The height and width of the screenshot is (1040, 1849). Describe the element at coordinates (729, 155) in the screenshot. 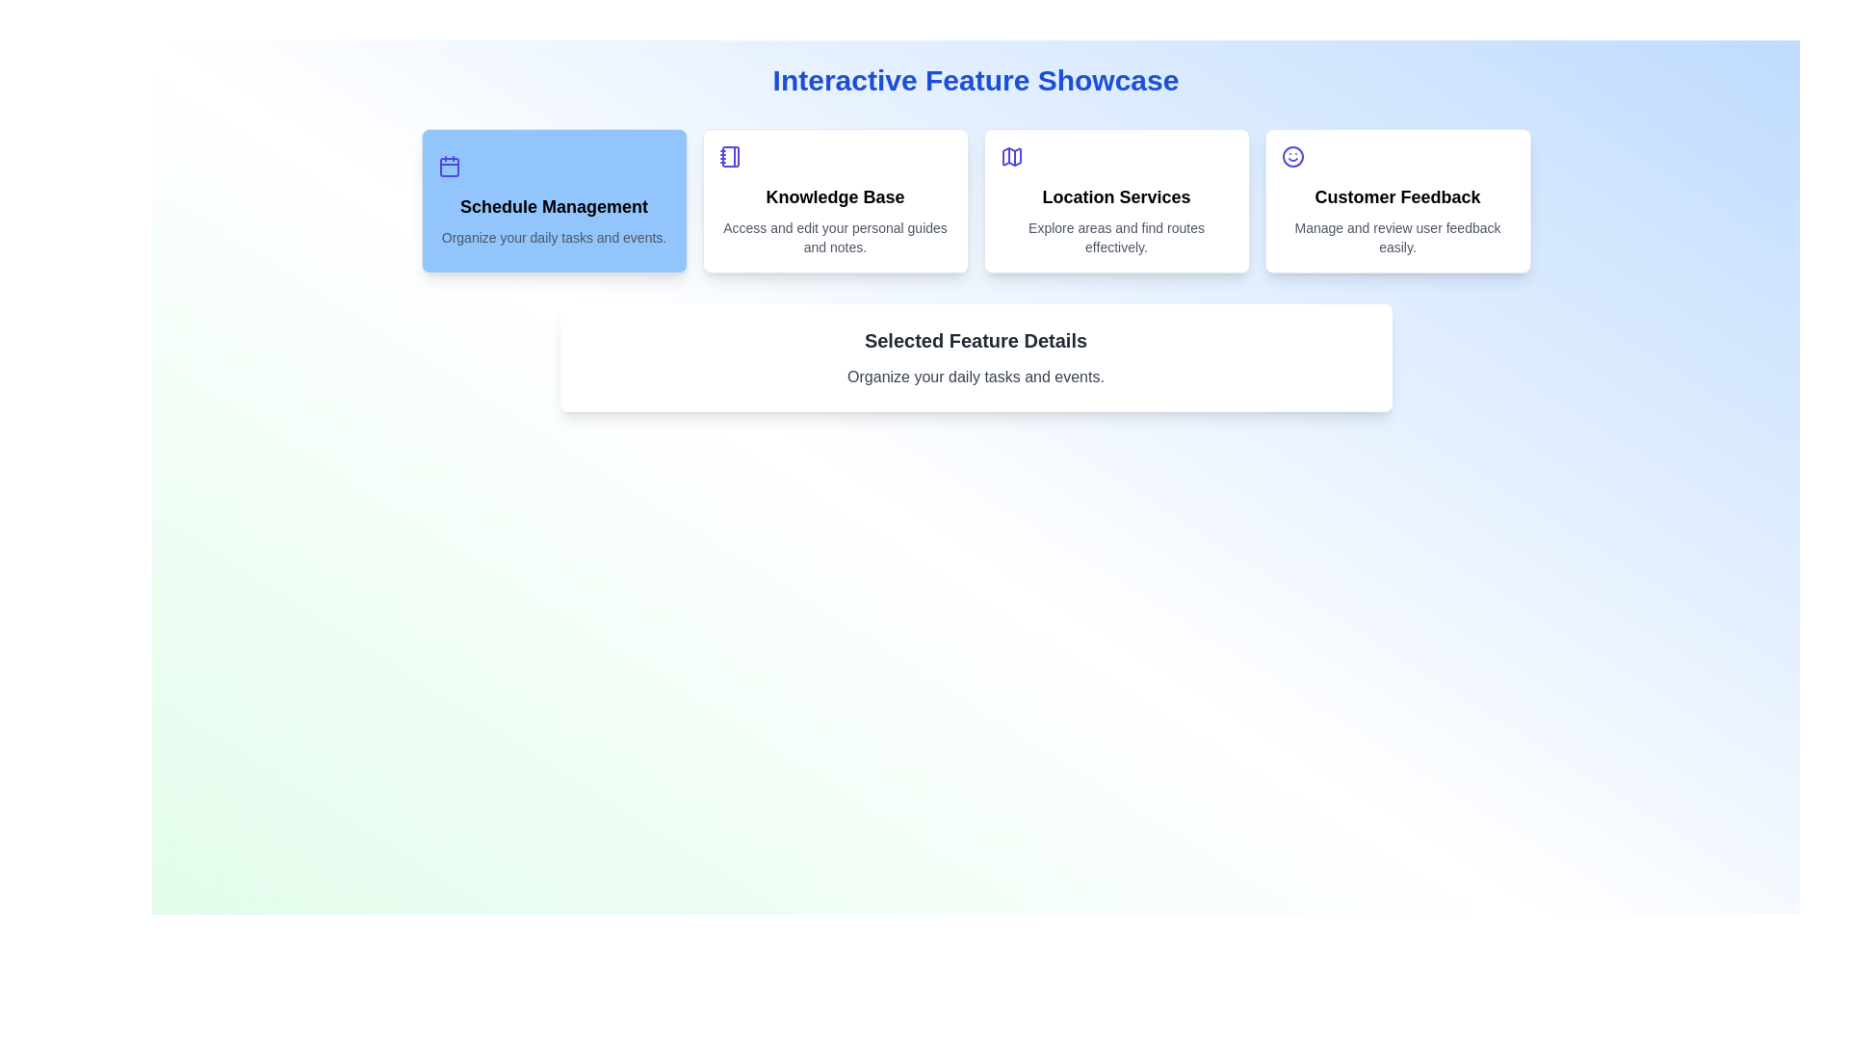

I see `the 'Knowledge Base' icon` at that location.